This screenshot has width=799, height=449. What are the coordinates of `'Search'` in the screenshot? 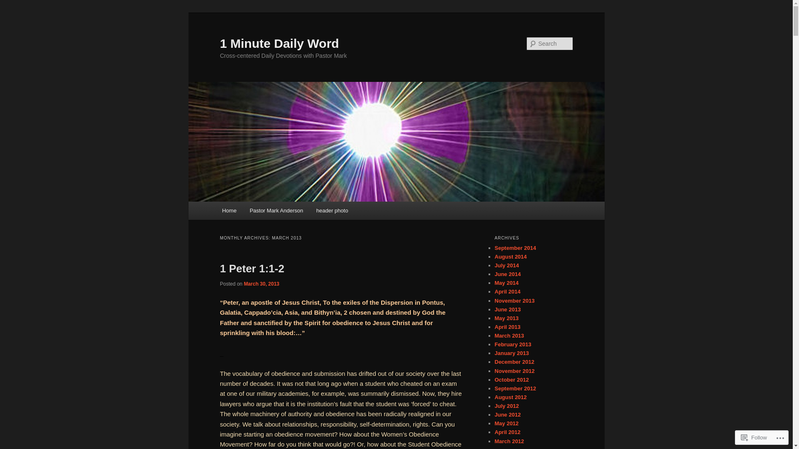 It's located at (0, 5).